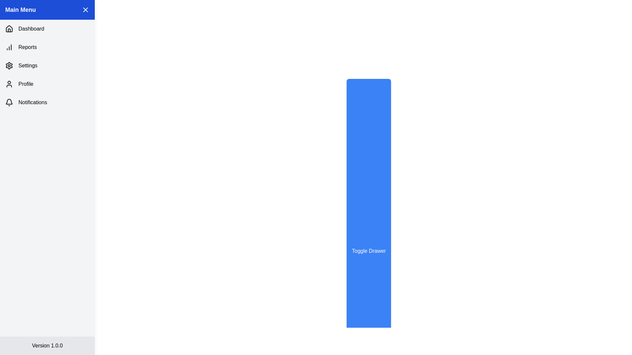 The width and height of the screenshot is (632, 355). Describe the element at coordinates (85, 10) in the screenshot. I see `the close button located at the top-right corner of the blue header bar` at that location.